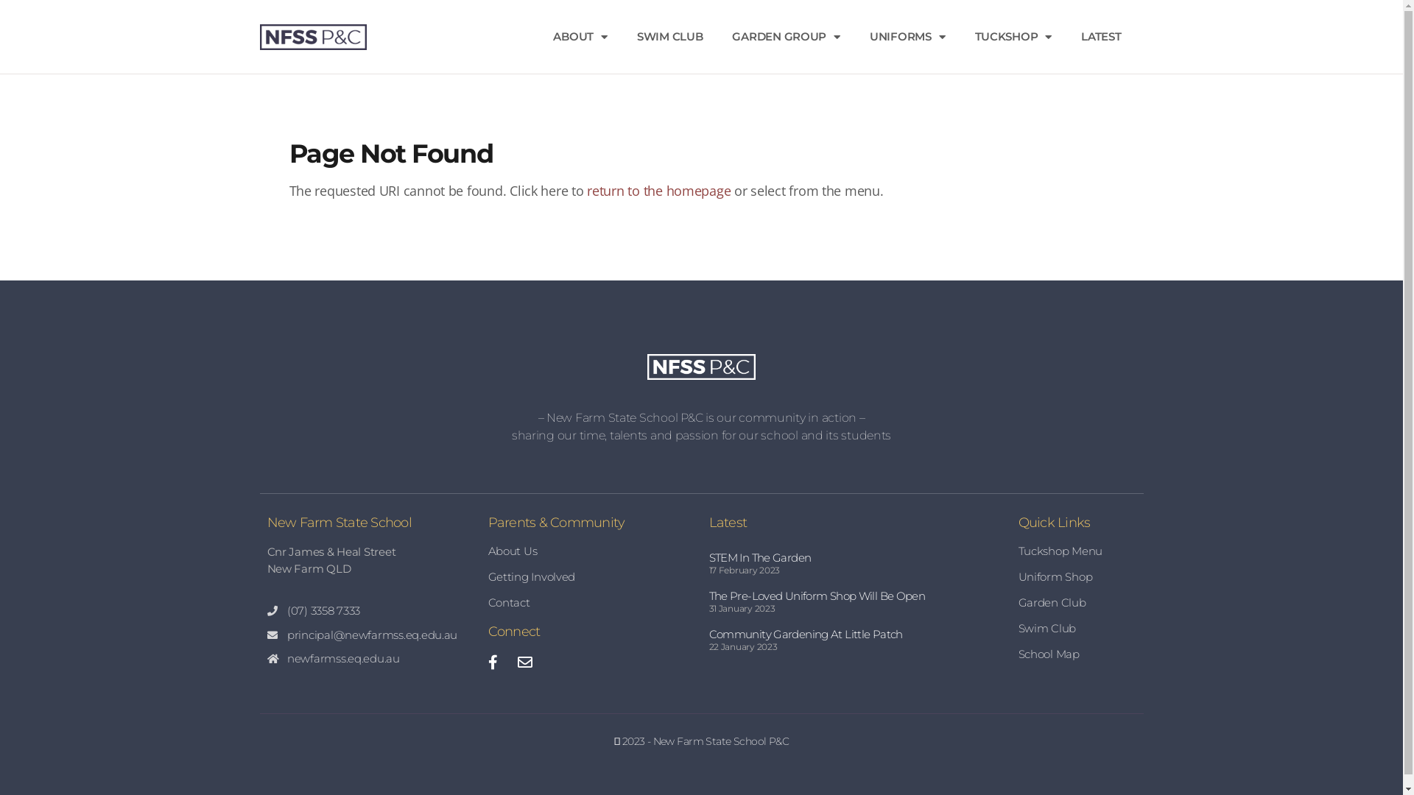 Image resolution: width=1414 pixels, height=795 pixels. Describe the element at coordinates (370, 611) in the screenshot. I see `'(07) 3358 7333'` at that location.